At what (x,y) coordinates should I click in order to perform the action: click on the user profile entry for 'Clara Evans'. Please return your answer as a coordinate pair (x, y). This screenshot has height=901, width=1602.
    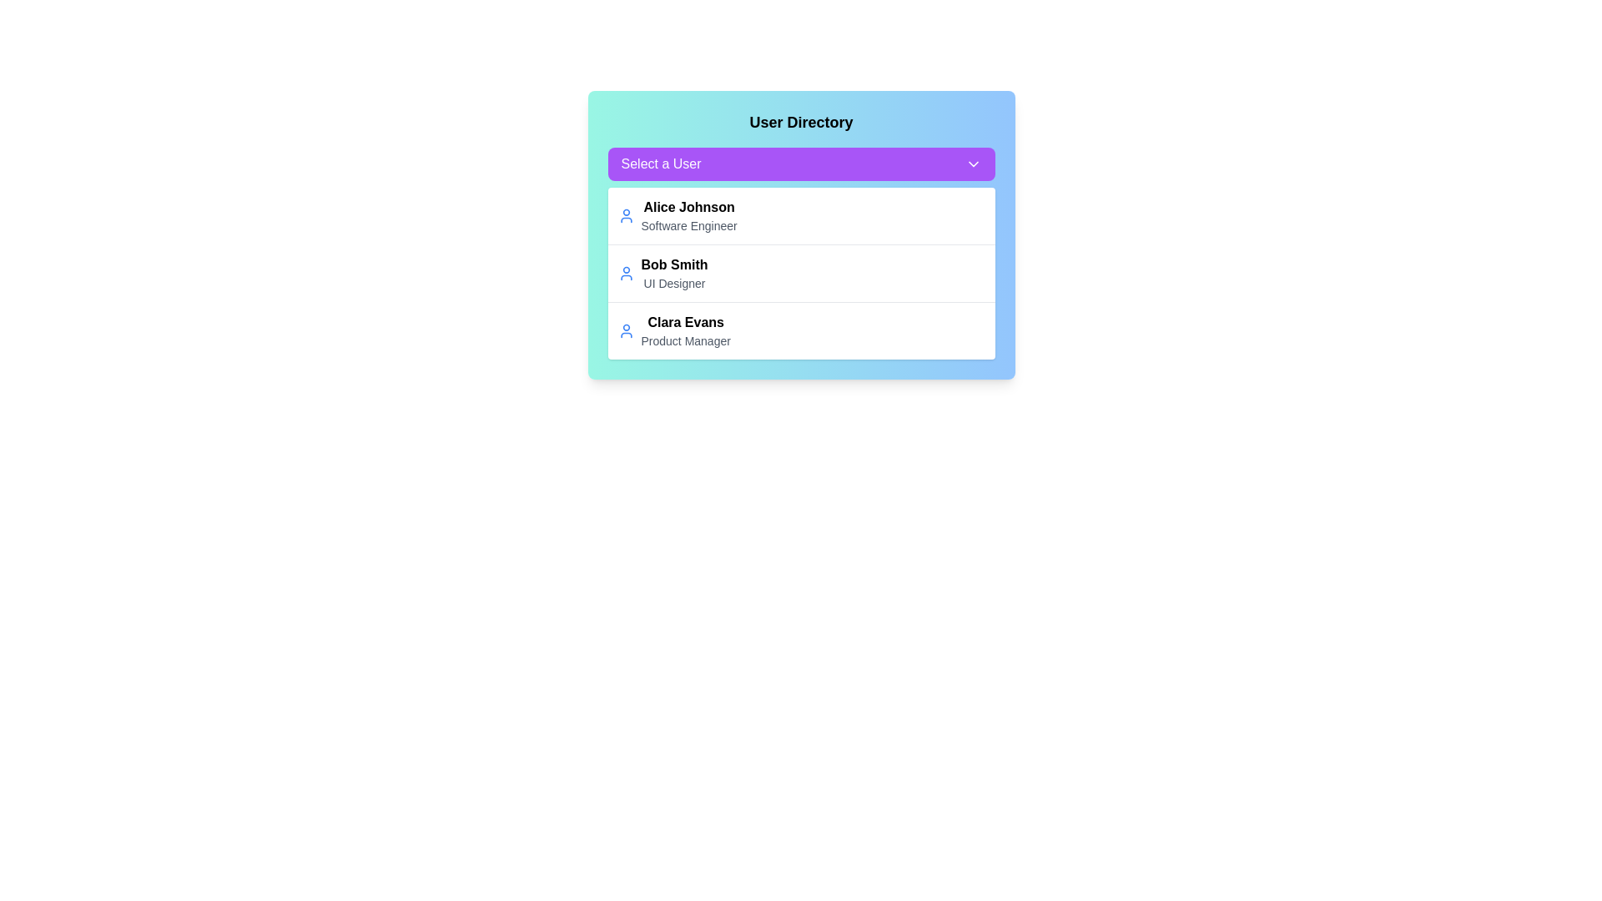
    Looking at the image, I should click on (674, 331).